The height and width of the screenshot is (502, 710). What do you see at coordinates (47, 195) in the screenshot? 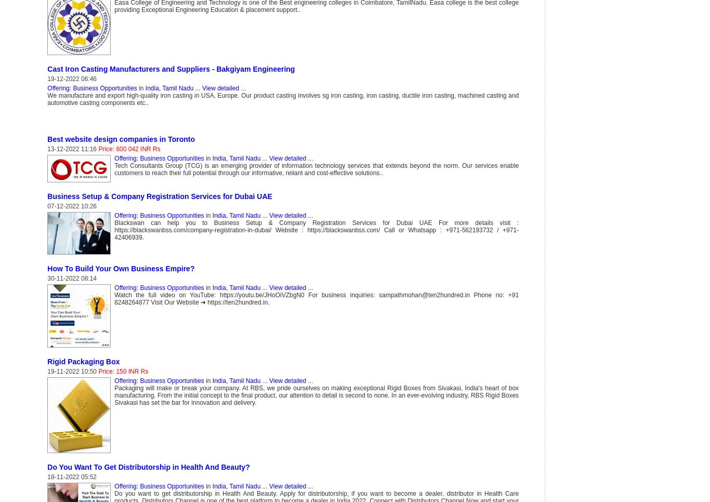
I see `'Business Setup & Company Registration Services for Dubai UAE'` at bounding box center [47, 195].